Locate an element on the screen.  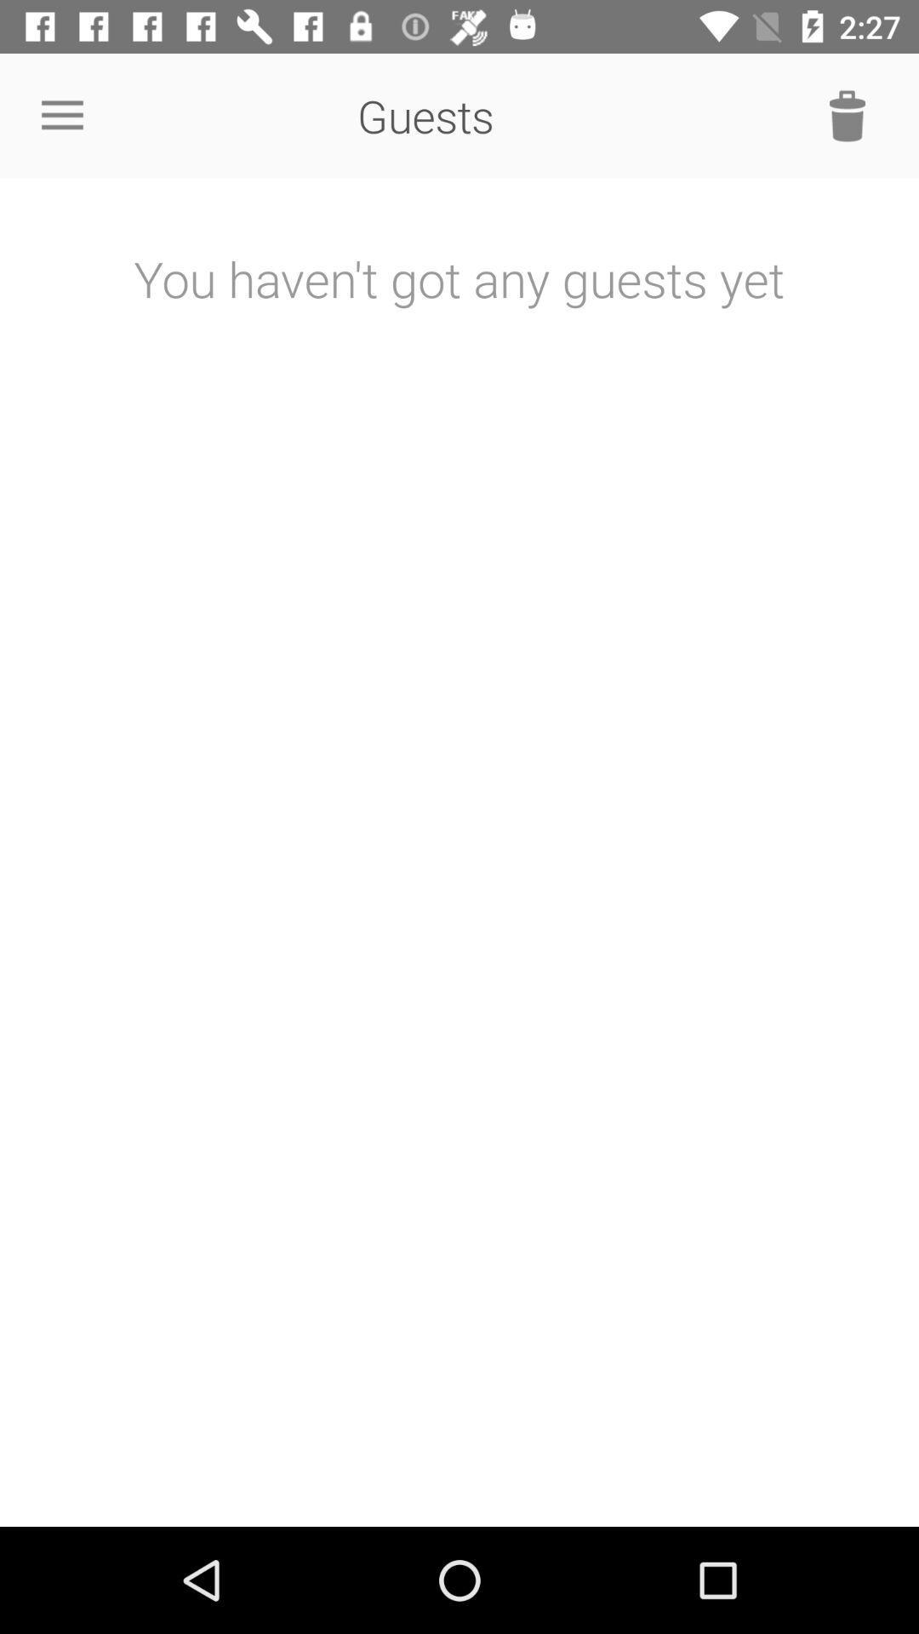
the icon to the left of guests item is located at coordinates (61, 115).